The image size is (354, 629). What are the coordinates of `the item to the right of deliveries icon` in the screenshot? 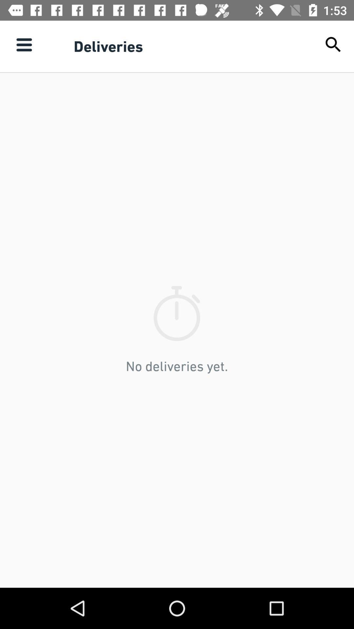 It's located at (333, 44).